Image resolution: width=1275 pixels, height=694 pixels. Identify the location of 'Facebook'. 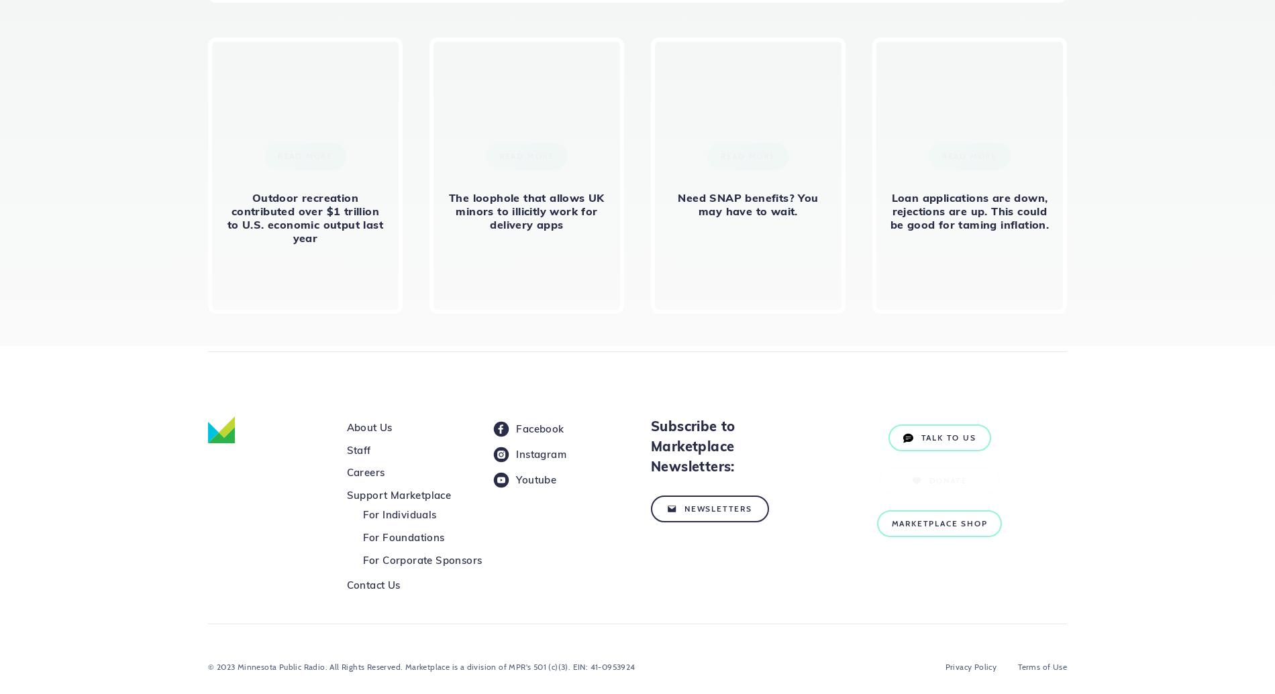
(539, 428).